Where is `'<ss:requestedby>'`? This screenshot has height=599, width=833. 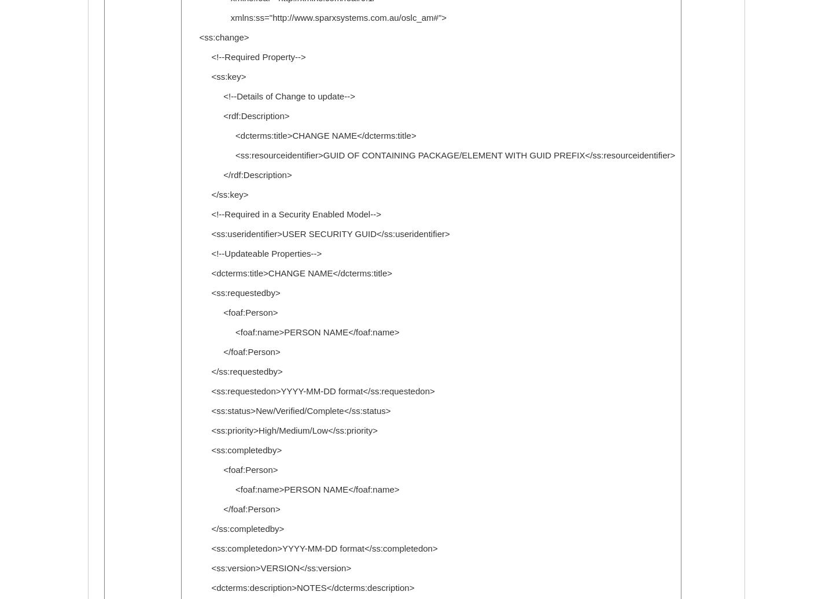 '<ss:requestedby>' is located at coordinates (233, 293).